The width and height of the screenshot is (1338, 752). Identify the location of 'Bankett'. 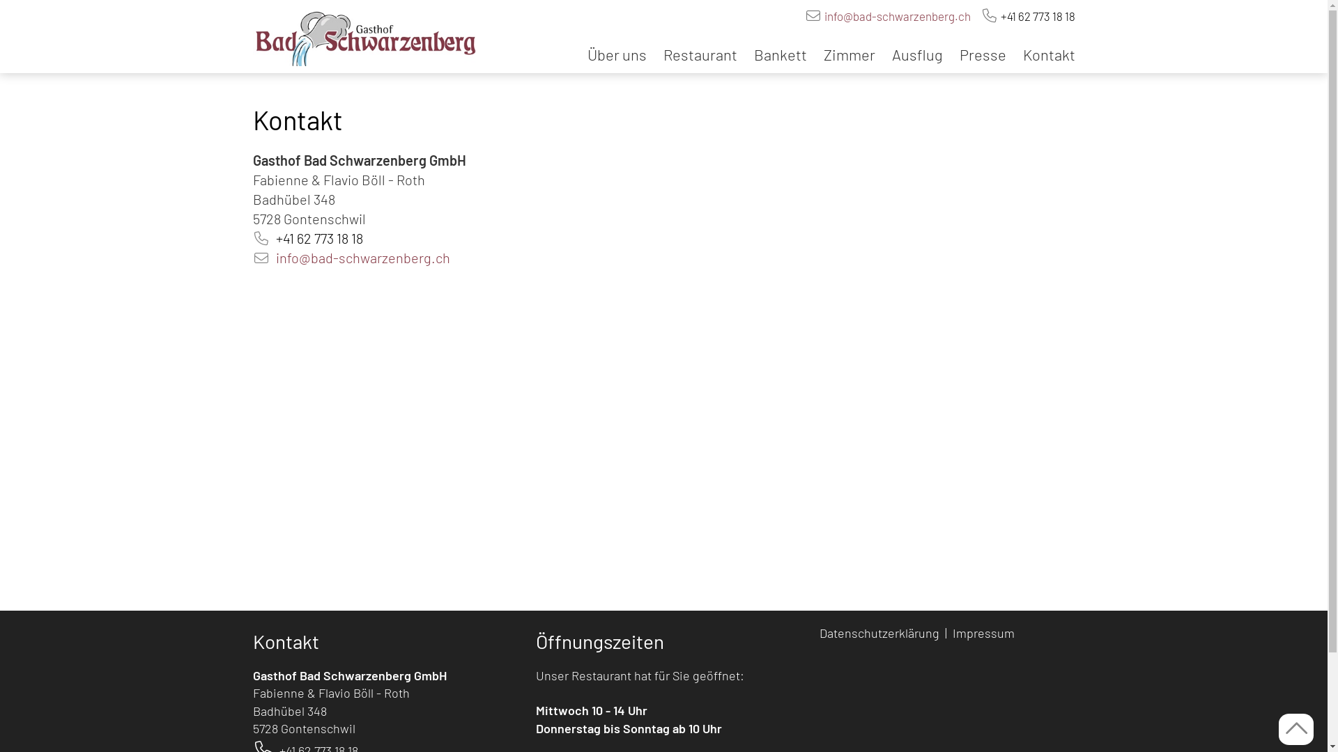
(779, 54).